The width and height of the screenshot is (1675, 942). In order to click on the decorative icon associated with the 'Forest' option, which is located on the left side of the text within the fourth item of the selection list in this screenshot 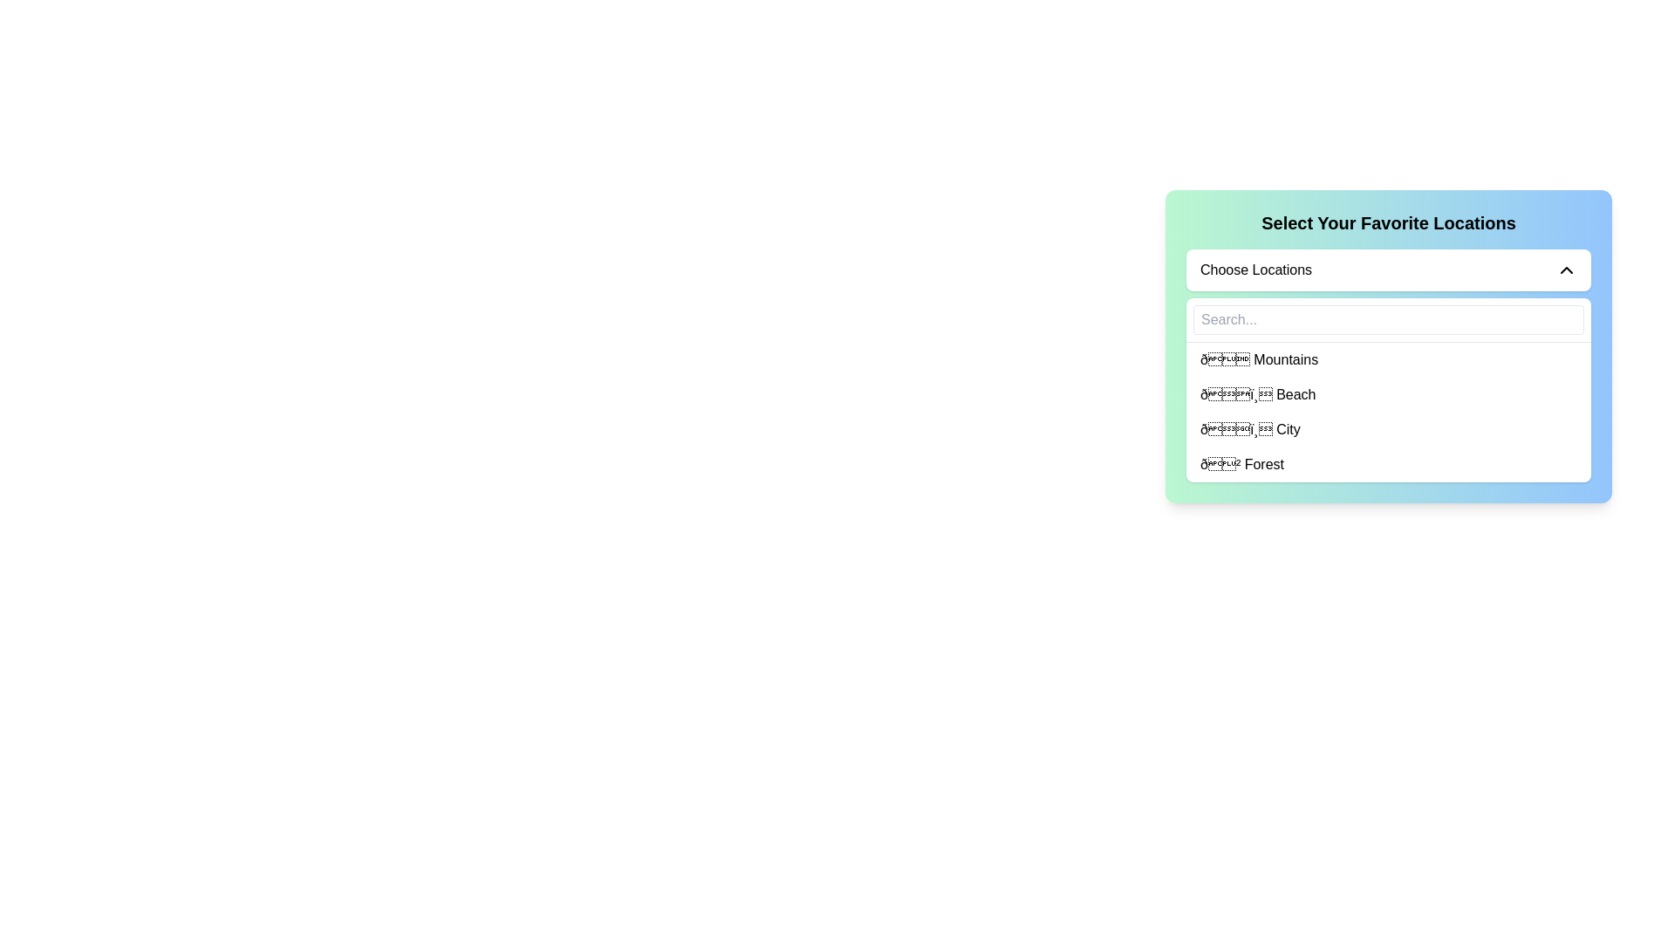, I will do `click(1220, 463)`.